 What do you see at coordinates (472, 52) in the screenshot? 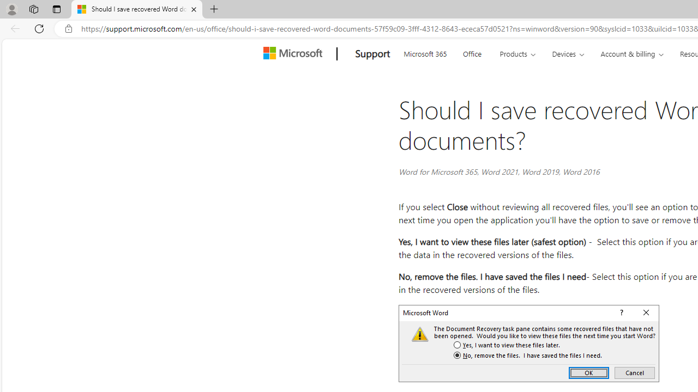
I see `'Office'` at bounding box center [472, 52].